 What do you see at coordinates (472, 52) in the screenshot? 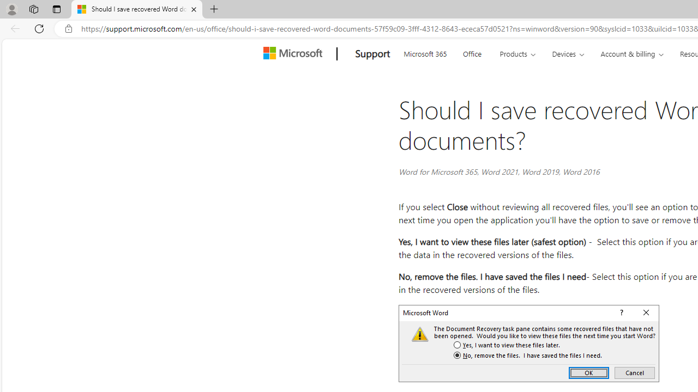
I see `'Office'` at bounding box center [472, 52].